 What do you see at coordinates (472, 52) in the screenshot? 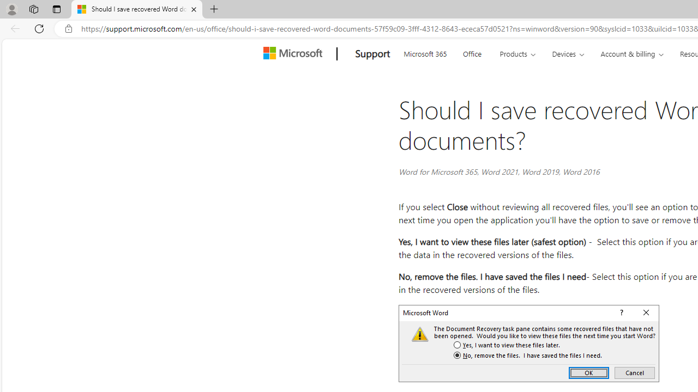
I see `'Office'` at bounding box center [472, 52].